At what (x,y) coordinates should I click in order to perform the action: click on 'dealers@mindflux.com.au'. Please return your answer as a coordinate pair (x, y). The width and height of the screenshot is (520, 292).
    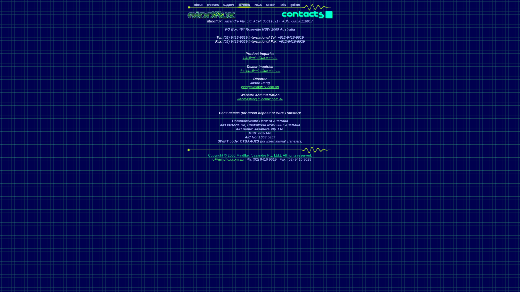
    Looking at the image, I should click on (260, 70).